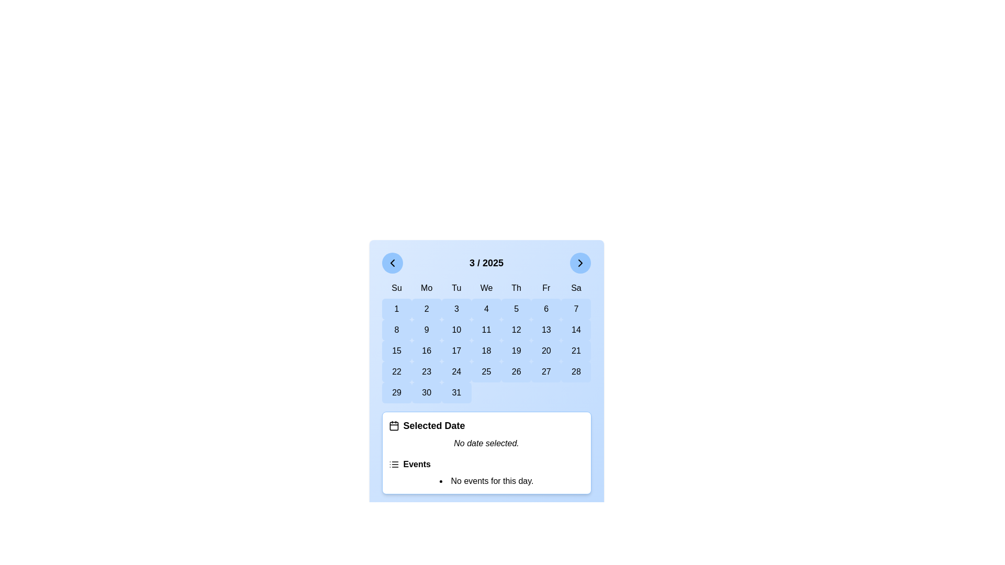  What do you see at coordinates (575, 330) in the screenshot?
I see `the button representing March 14, 2025, located` at bounding box center [575, 330].